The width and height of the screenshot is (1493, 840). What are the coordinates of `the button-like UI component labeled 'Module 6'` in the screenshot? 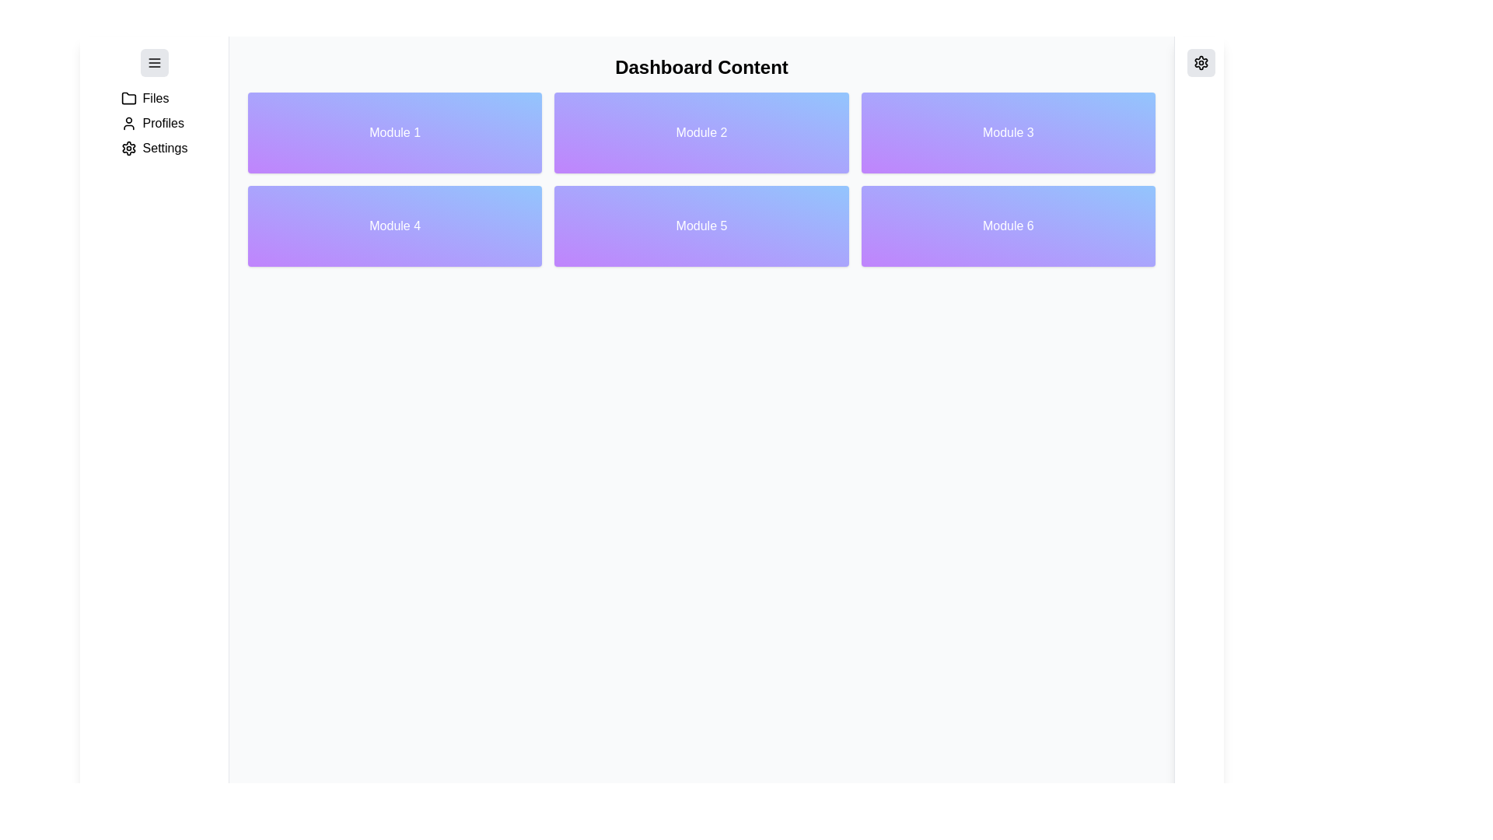 It's located at (1008, 226).